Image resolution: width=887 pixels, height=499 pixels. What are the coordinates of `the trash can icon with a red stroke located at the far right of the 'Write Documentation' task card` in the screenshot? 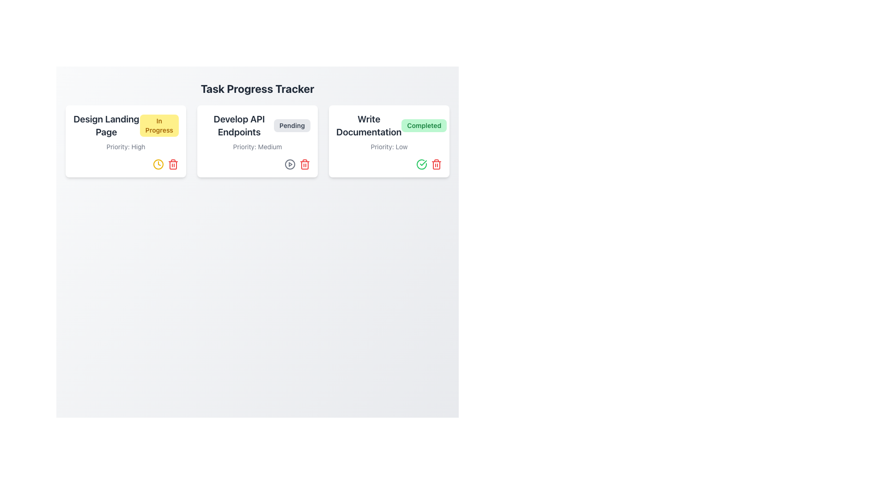 It's located at (436, 164).